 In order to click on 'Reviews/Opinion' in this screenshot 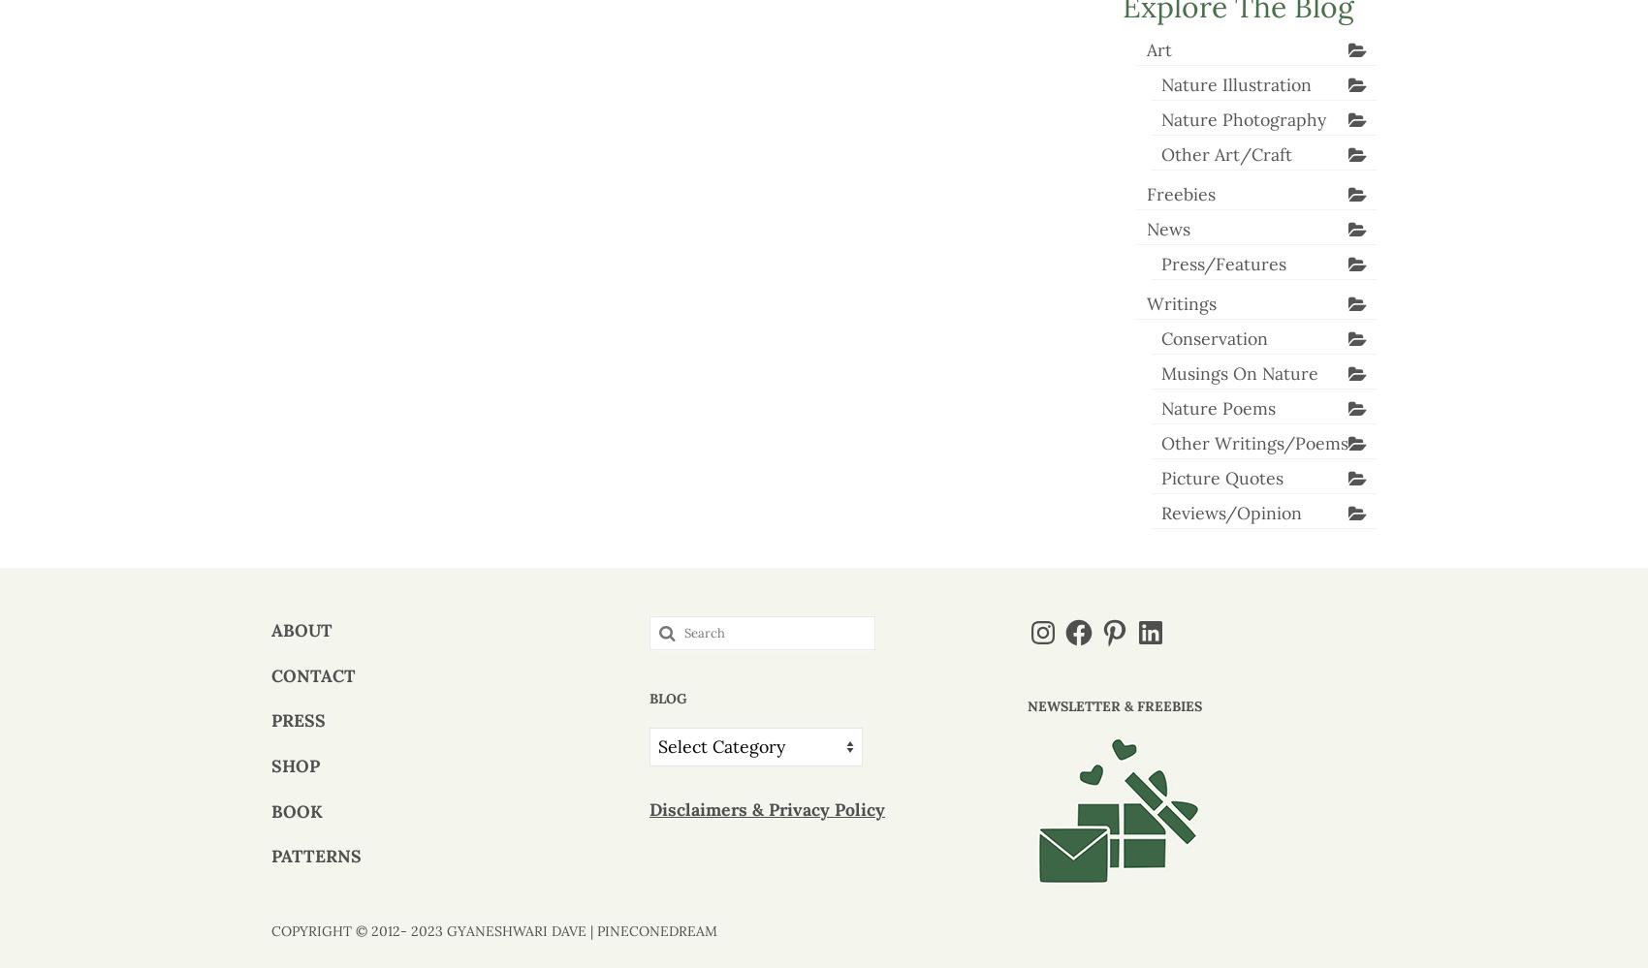, I will do `click(1229, 511)`.